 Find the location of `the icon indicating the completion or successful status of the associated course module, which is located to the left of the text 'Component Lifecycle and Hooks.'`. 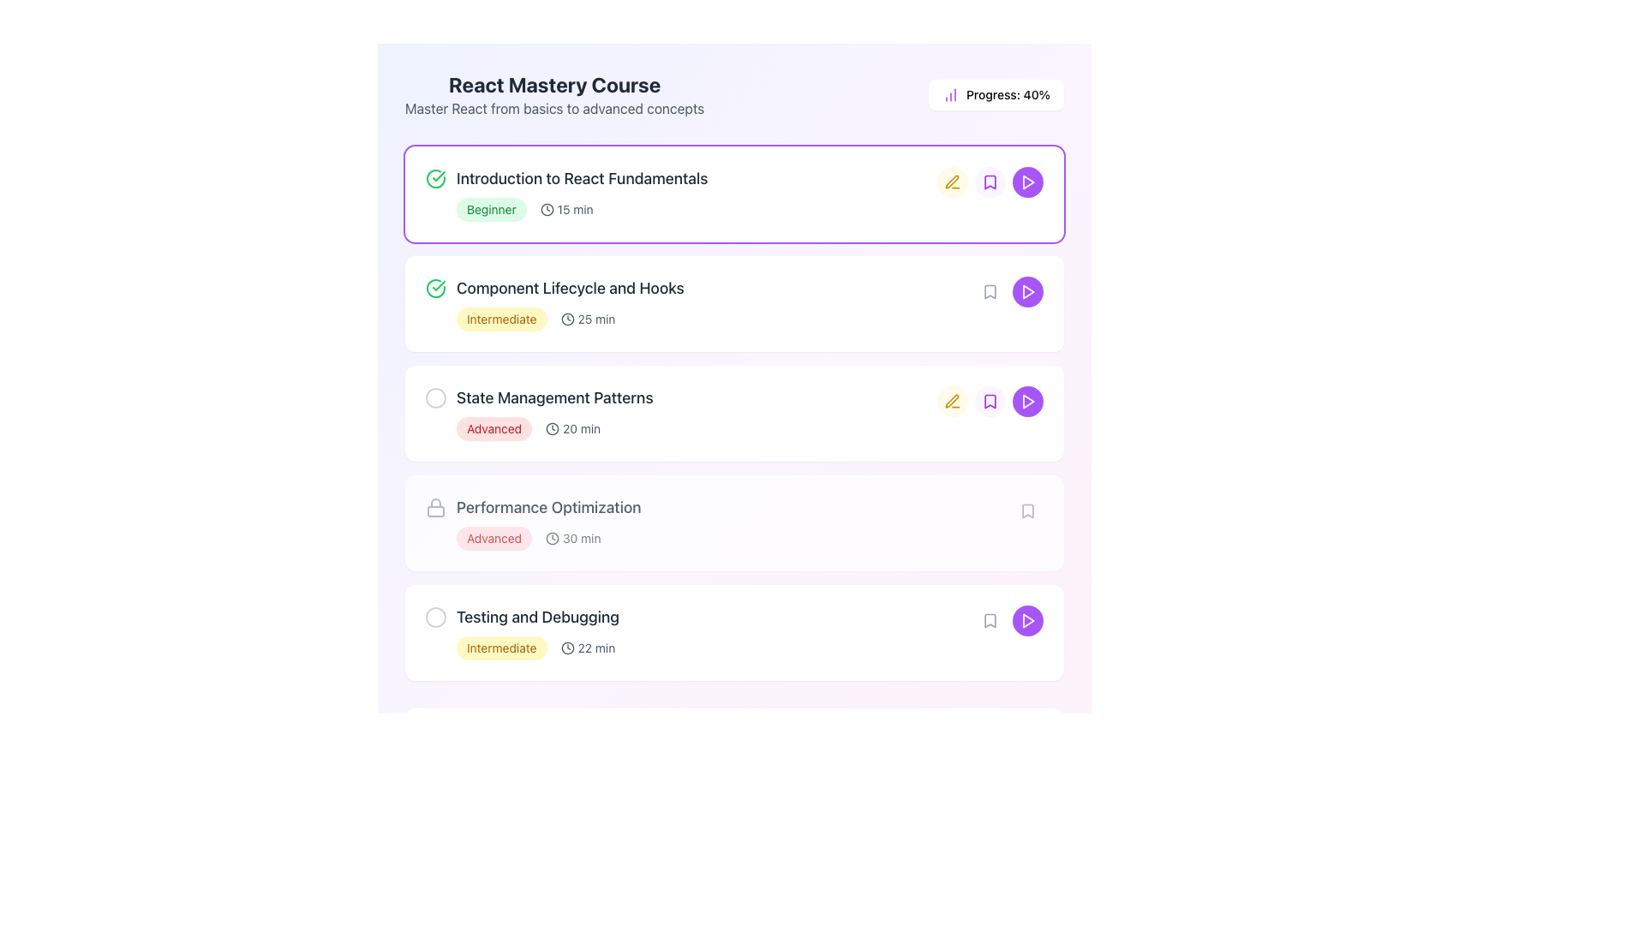

the icon indicating the completion or successful status of the associated course module, which is located to the left of the text 'Component Lifecycle and Hooks.' is located at coordinates (435, 287).